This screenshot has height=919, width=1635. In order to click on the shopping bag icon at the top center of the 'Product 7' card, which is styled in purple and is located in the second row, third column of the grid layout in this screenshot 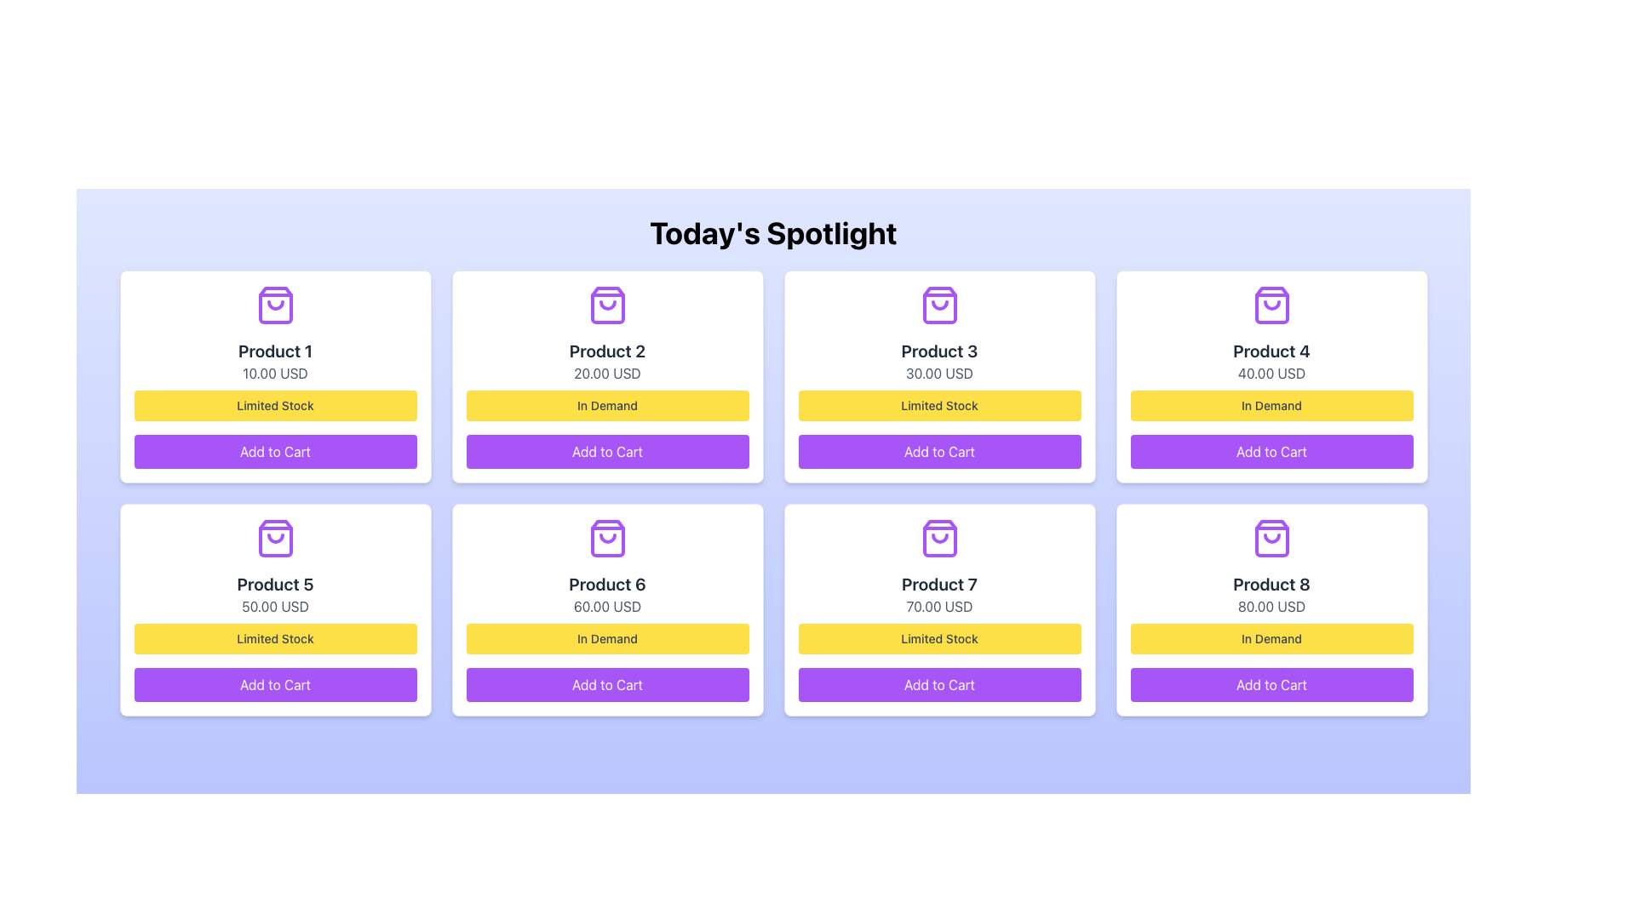, I will do `click(938, 538)`.